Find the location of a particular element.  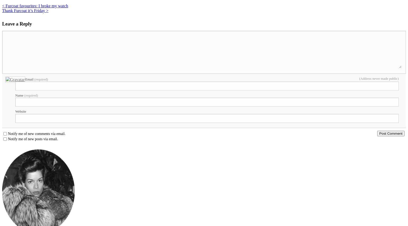

'(Address never made public)' is located at coordinates (379, 78).